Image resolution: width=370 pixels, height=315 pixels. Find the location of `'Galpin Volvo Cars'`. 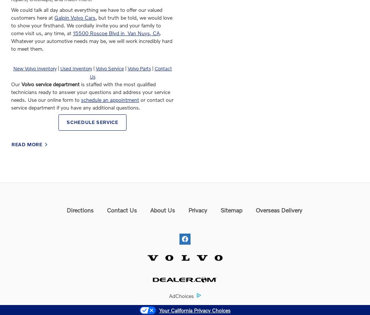

'Galpin Volvo Cars' is located at coordinates (74, 17).